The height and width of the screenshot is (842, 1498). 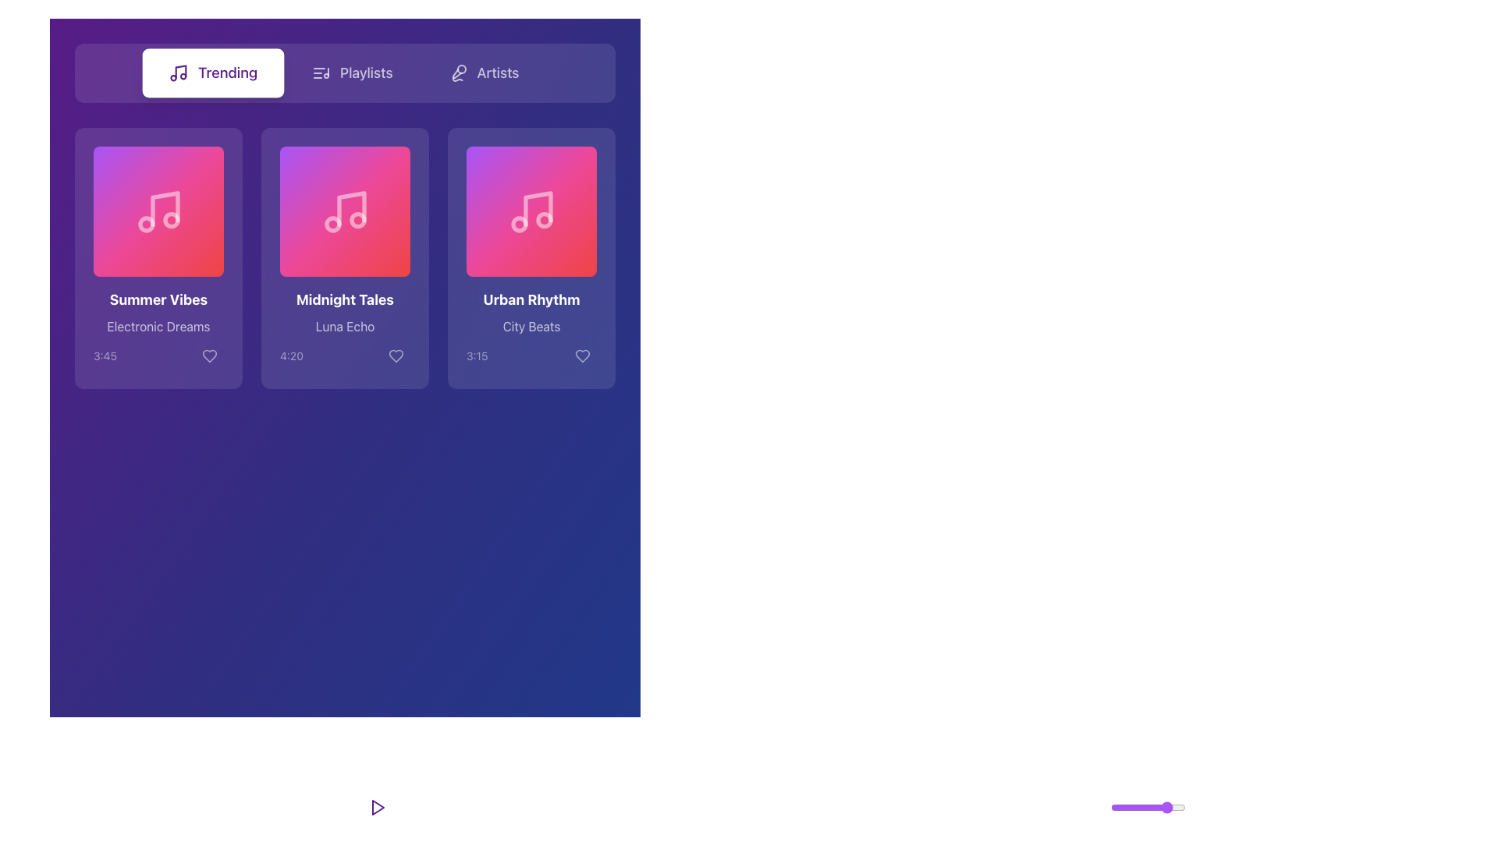 What do you see at coordinates (1149, 807) in the screenshot?
I see `the slider` at bounding box center [1149, 807].